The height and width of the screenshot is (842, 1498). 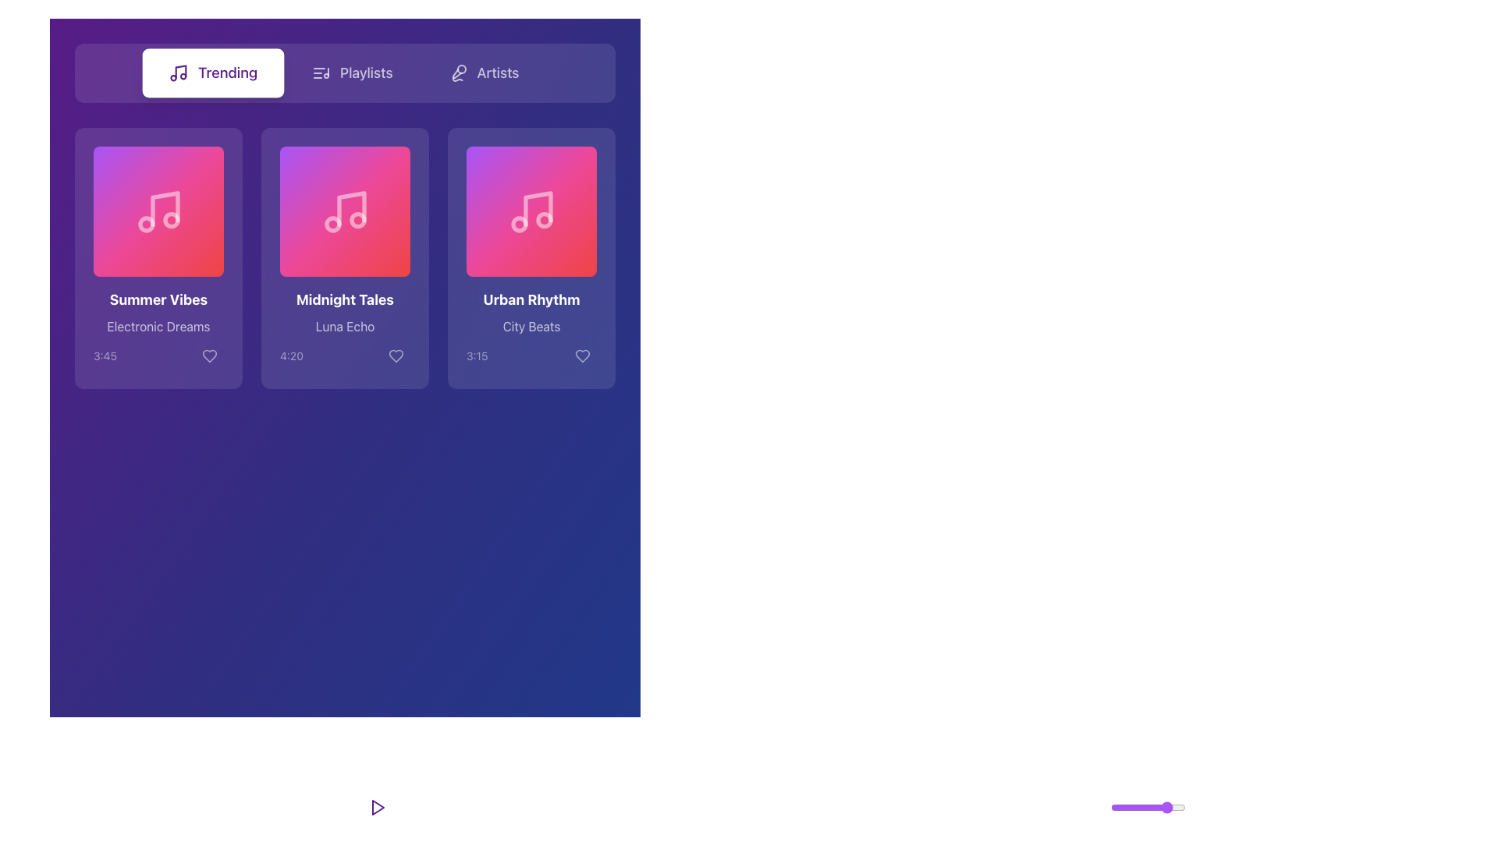 What do you see at coordinates (1149, 807) in the screenshot?
I see `the slider` at bounding box center [1149, 807].